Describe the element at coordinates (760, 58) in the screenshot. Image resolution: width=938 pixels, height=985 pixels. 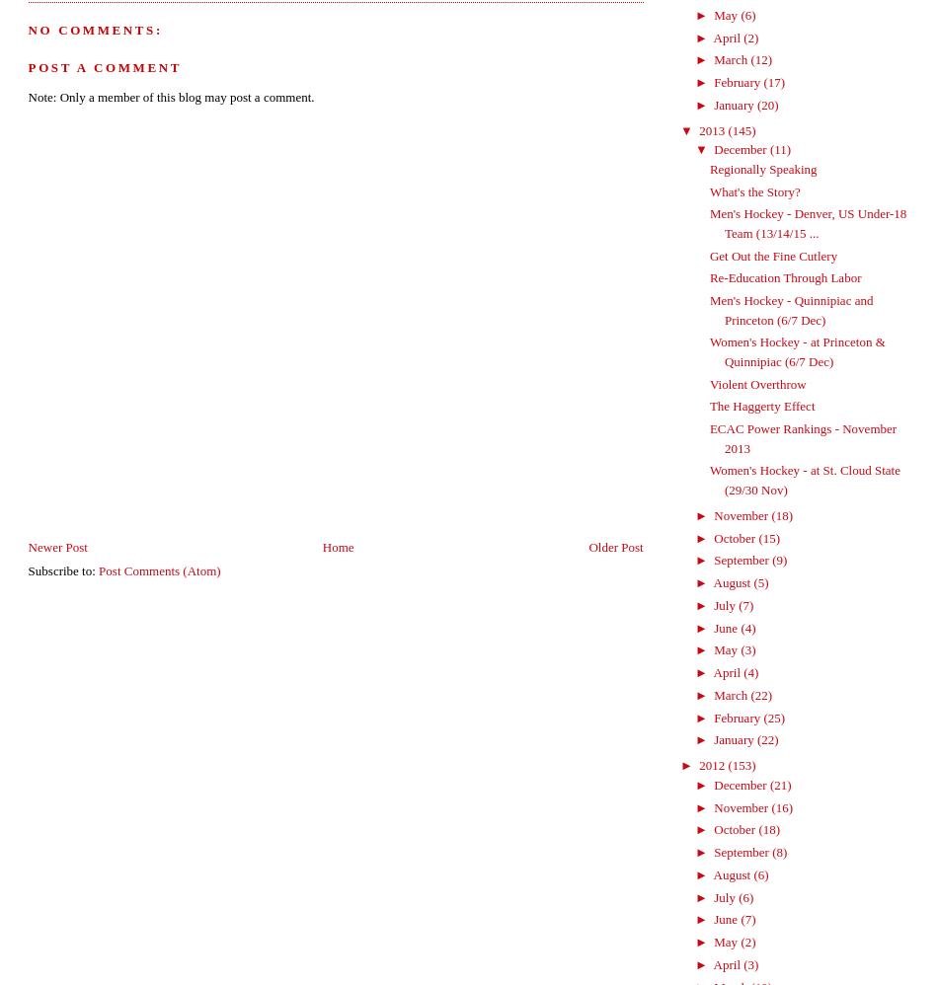
I see `'(12)'` at that location.